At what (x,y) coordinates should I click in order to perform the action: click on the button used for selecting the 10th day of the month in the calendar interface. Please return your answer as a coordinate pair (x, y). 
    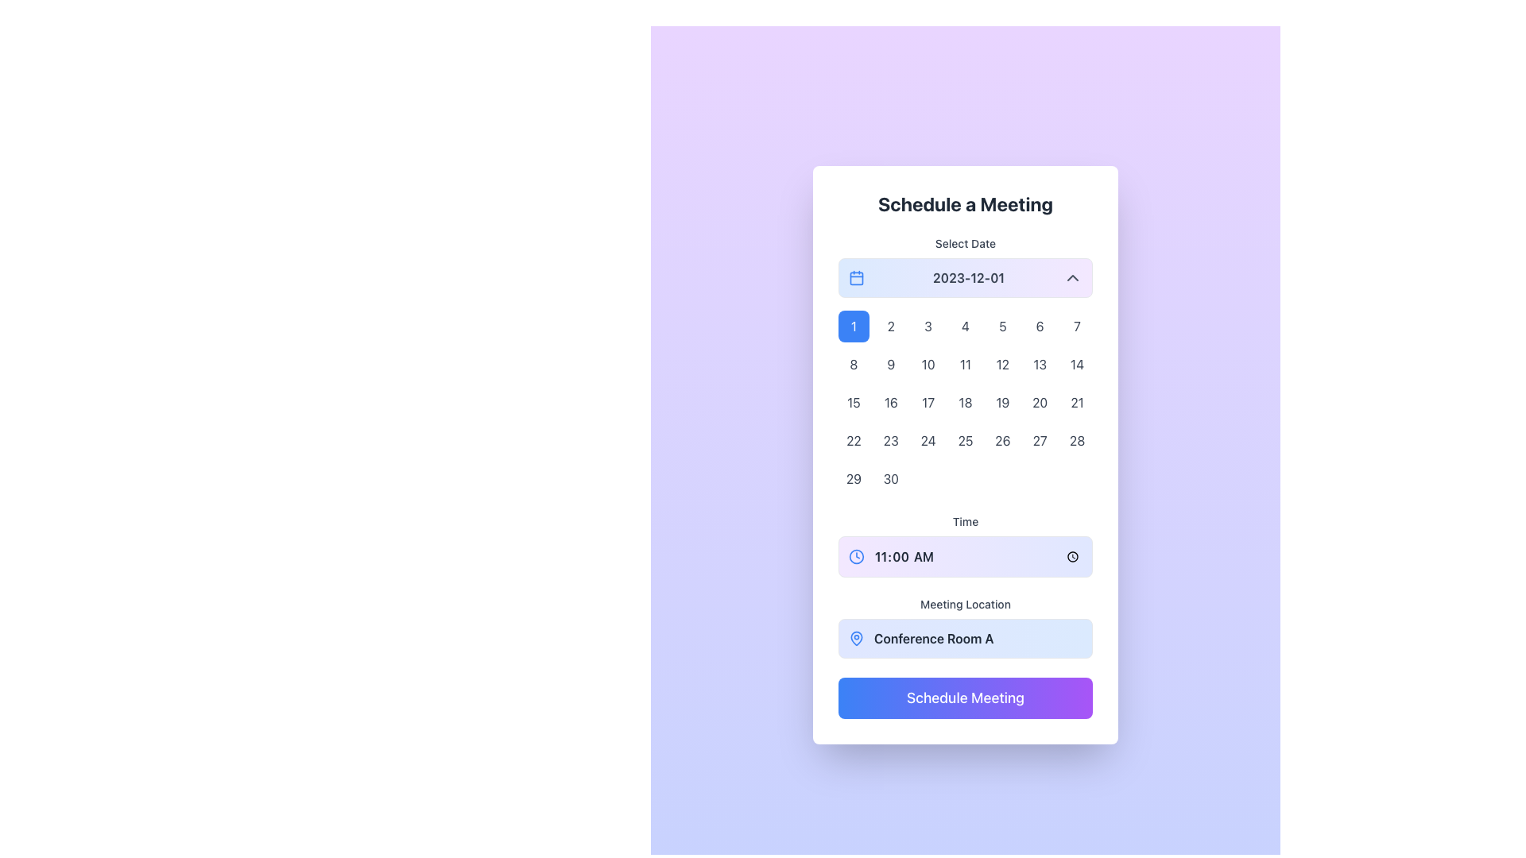
    Looking at the image, I should click on (928, 365).